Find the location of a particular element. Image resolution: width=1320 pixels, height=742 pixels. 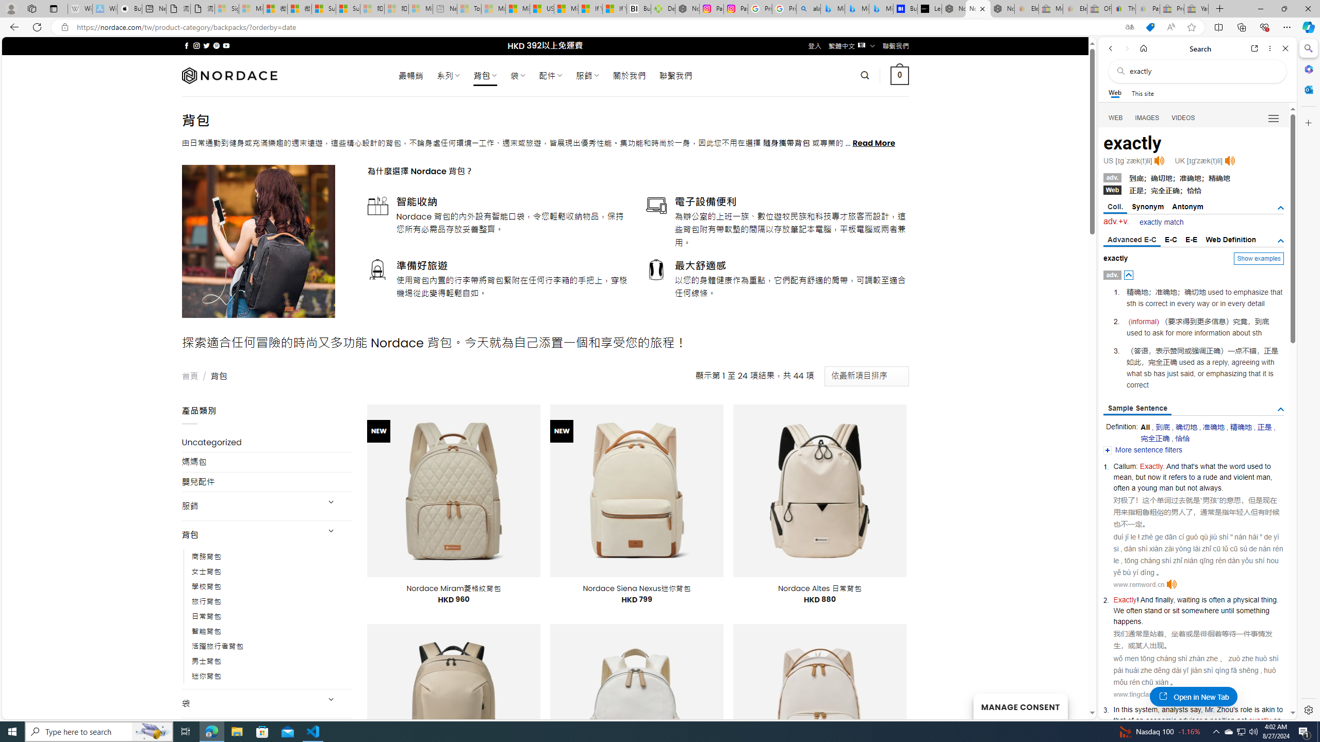

'Yard, Garden & Outdoor Living - Sleeping' is located at coordinates (1196, 8).